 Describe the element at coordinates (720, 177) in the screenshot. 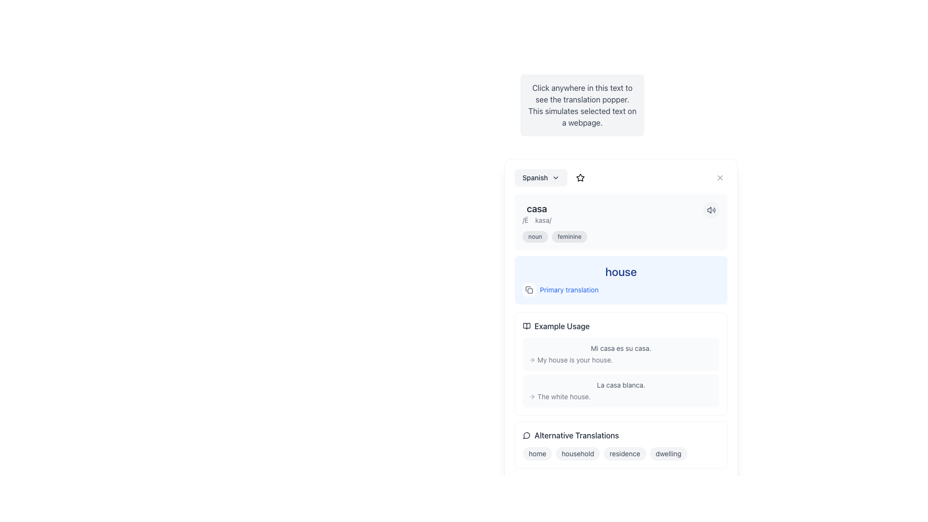

I see `the 'X' shaped button icon located in the top-right corner of the pop-up window to change its appearance` at that location.